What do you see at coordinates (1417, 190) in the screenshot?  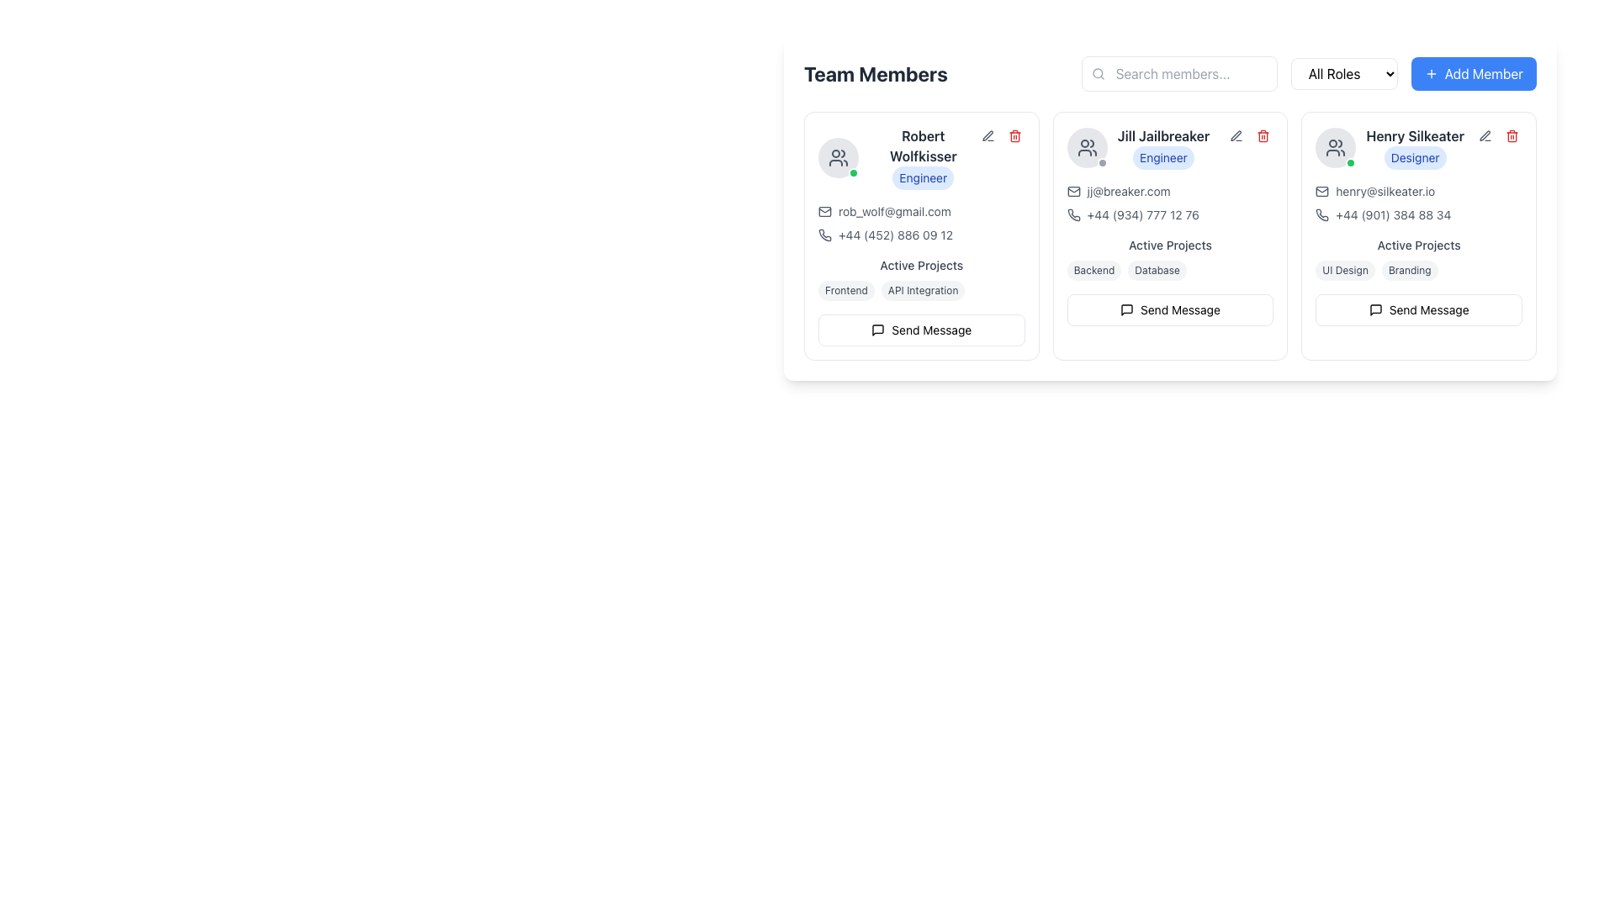 I see `the Interactive Text with Icon for Henry Silkeater, which provides the email address hyperlink 'henry@silkeater.io'` at bounding box center [1417, 190].